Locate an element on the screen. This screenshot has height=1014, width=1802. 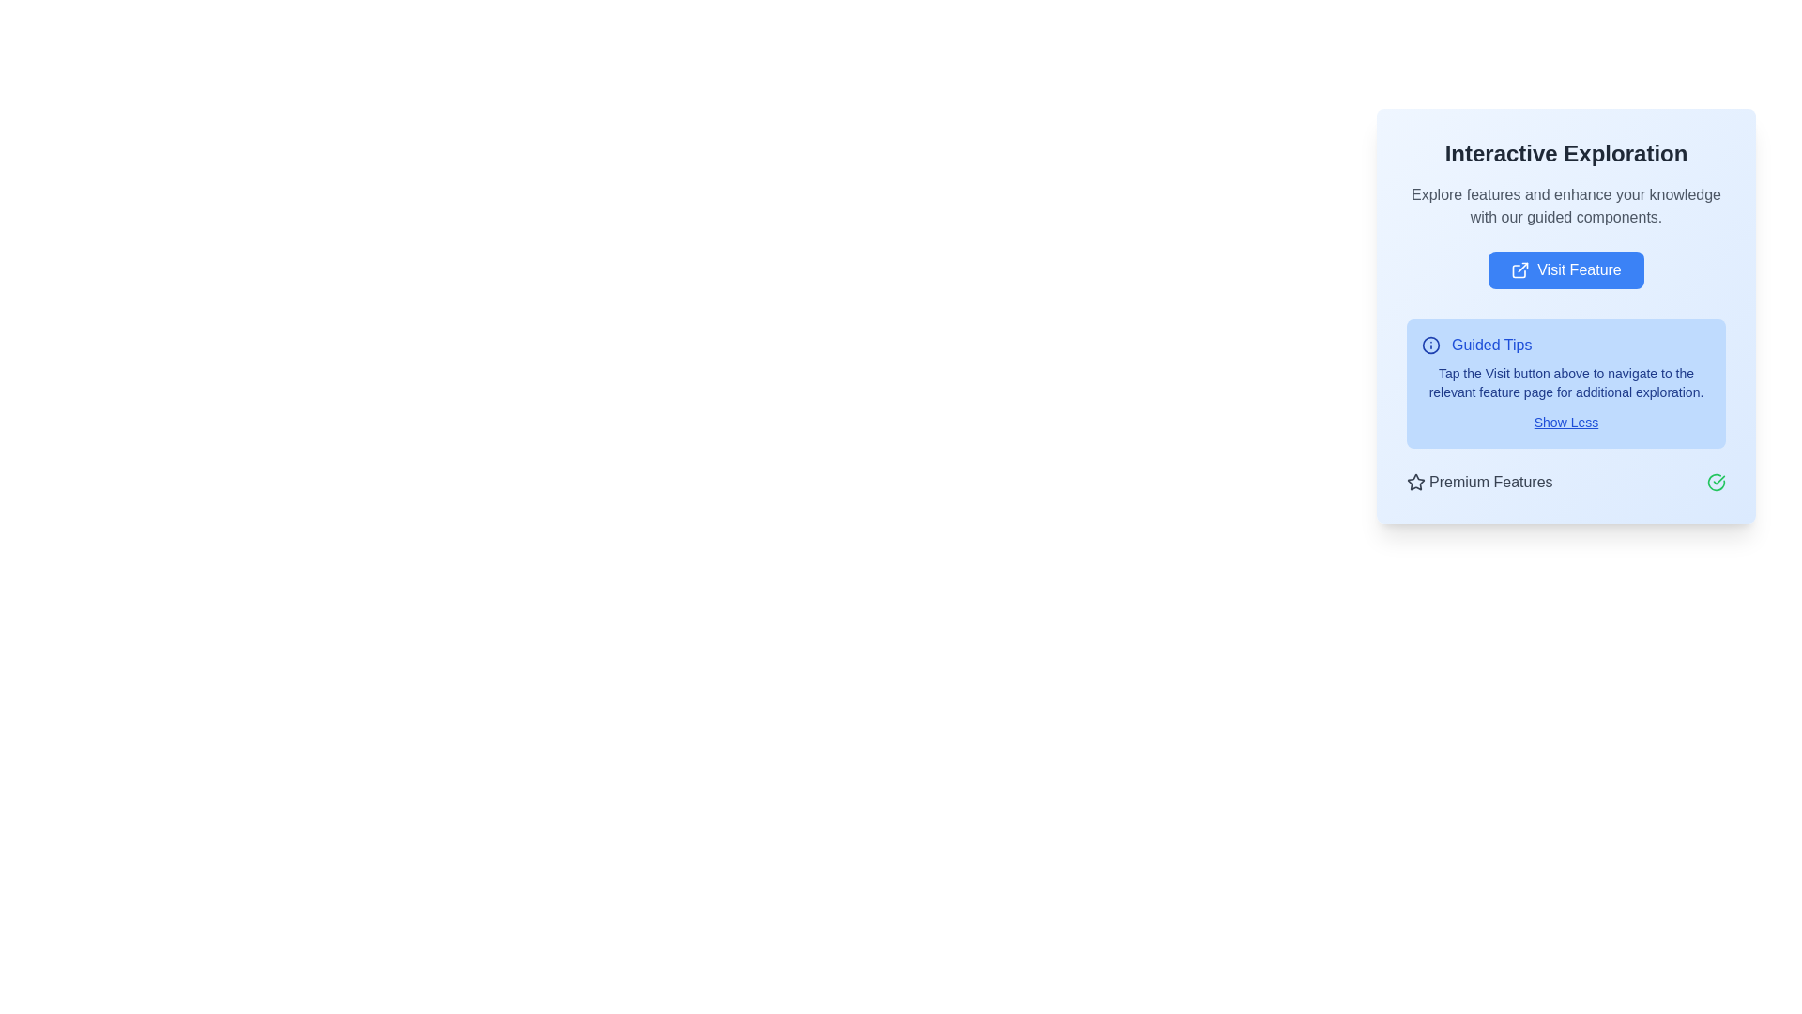
the text element that provides a brief description or tagline, located below the title 'Interactive Exploration' and above the 'Visit Feature' button is located at coordinates (1566, 206).